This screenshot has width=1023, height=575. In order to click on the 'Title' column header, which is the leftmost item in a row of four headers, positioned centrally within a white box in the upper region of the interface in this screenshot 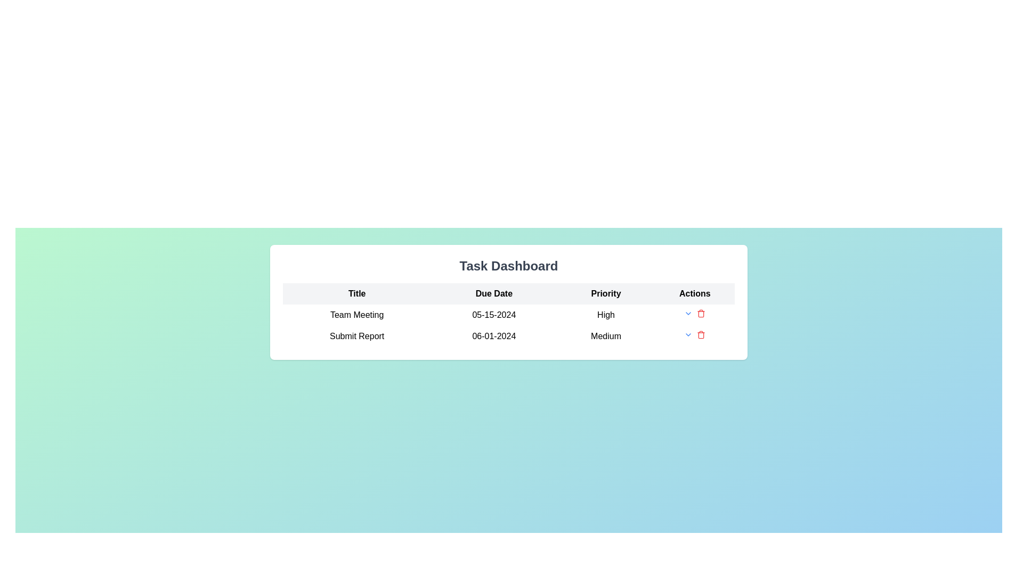, I will do `click(357, 293)`.